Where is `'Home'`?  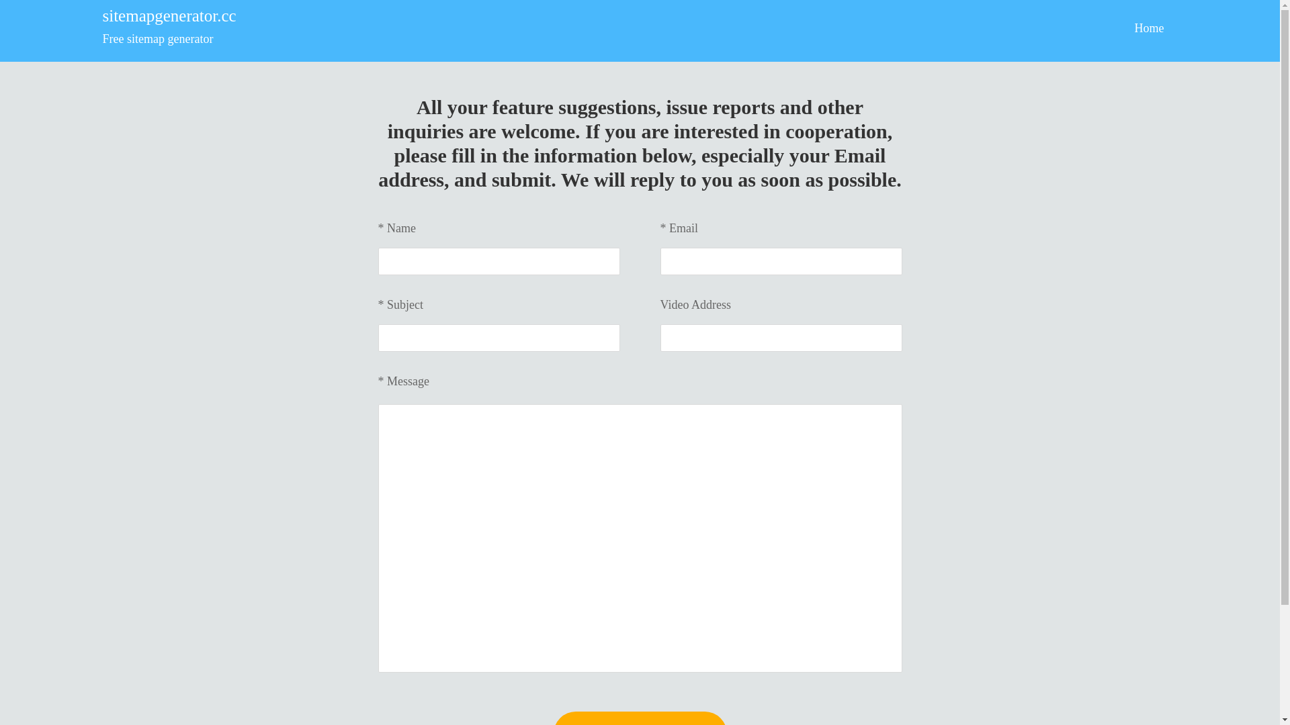
'Home' is located at coordinates (1148, 28).